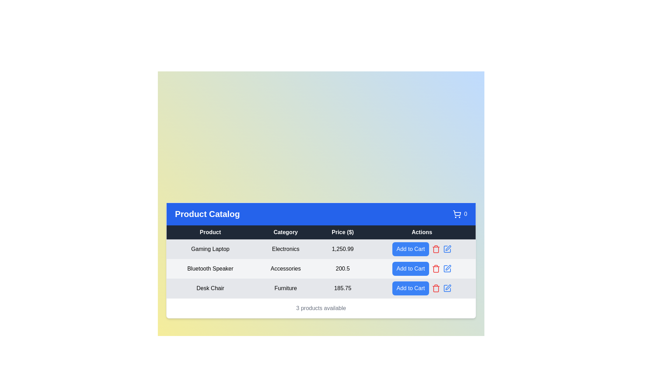  I want to click on the pen icon in the 'Actions' section of the table, so click(447, 248).